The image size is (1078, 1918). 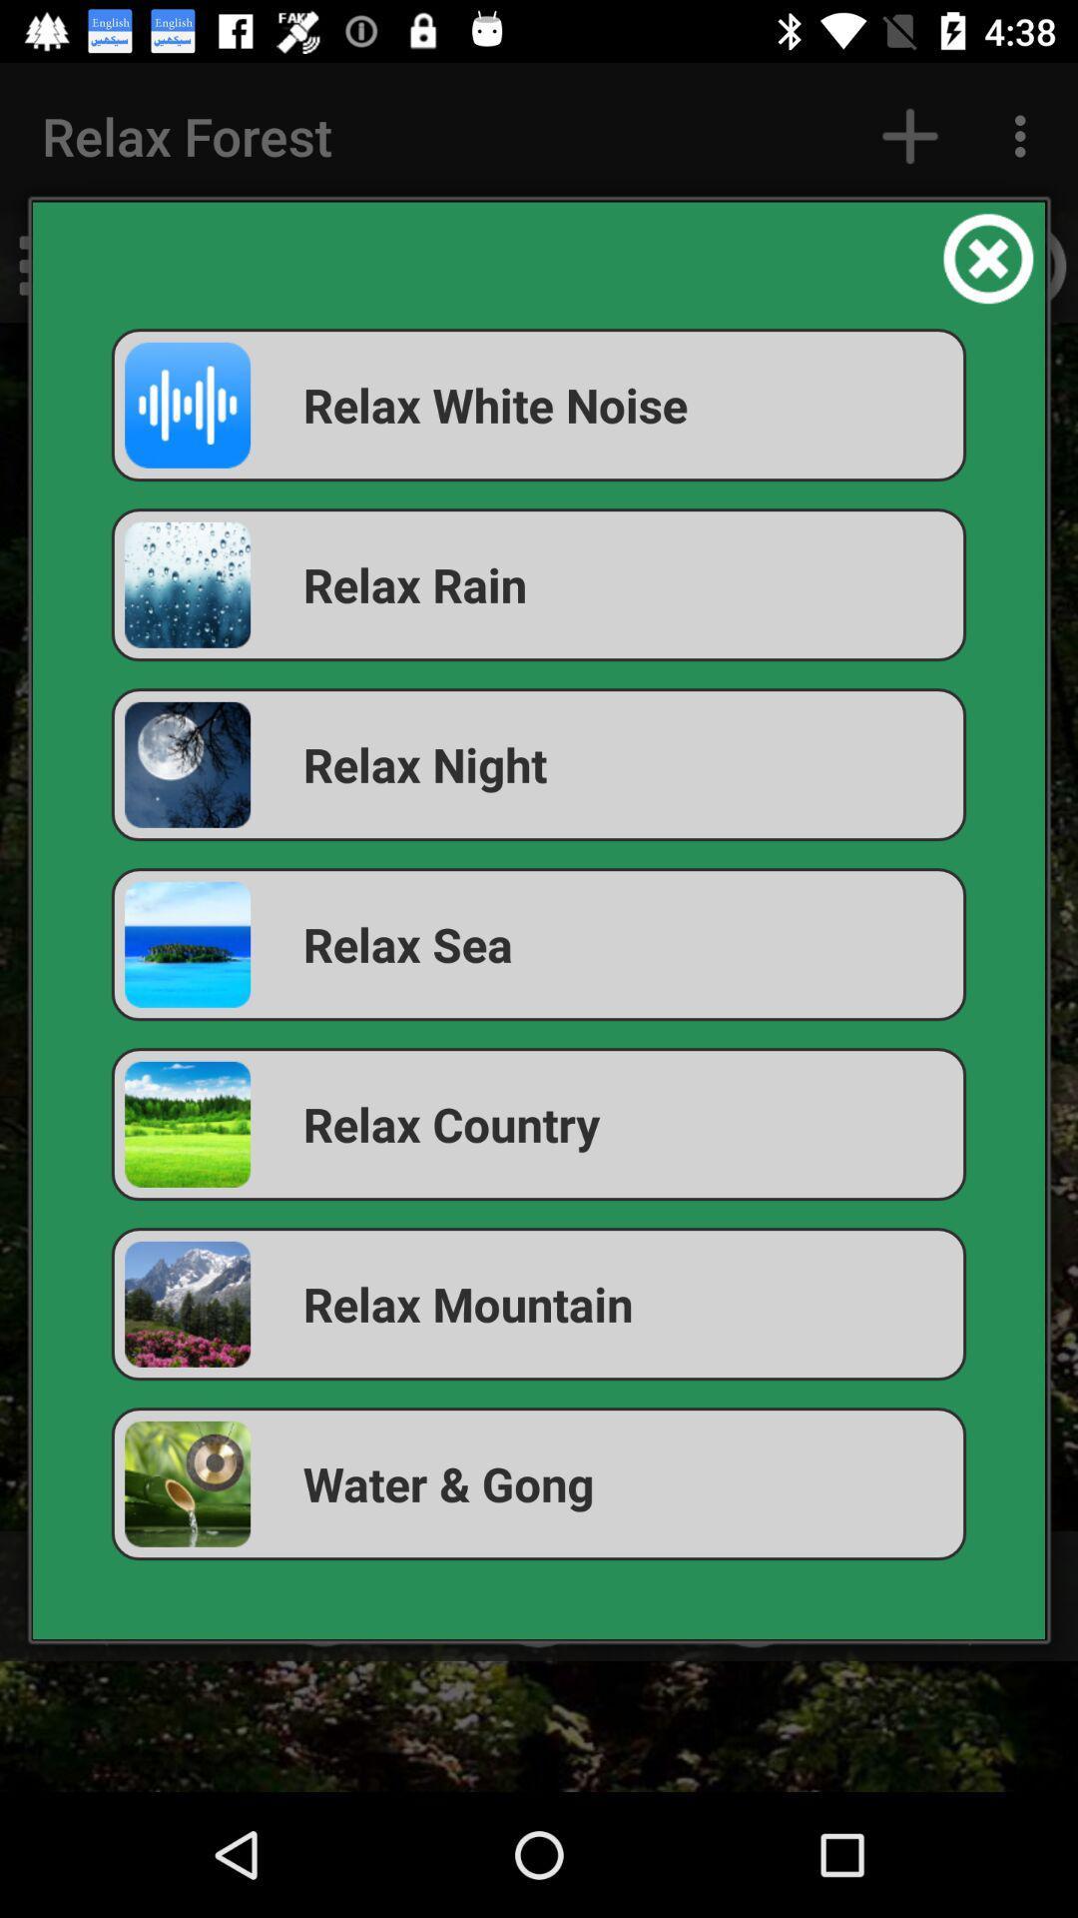 I want to click on item above the relax mountain icon, so click(x=539, y=1124).